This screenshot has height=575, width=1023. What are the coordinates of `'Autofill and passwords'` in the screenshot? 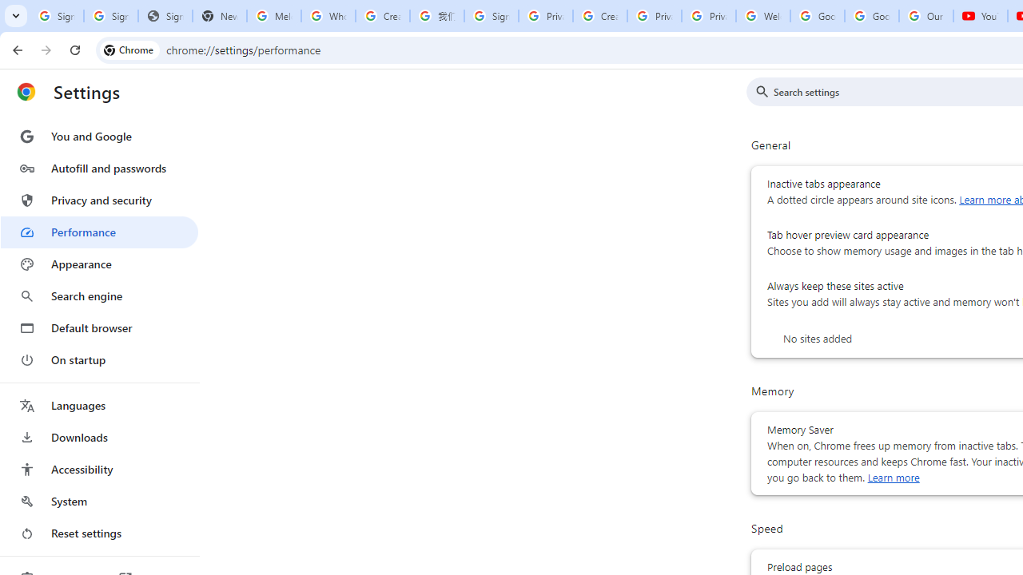 It's located at (98, 168).